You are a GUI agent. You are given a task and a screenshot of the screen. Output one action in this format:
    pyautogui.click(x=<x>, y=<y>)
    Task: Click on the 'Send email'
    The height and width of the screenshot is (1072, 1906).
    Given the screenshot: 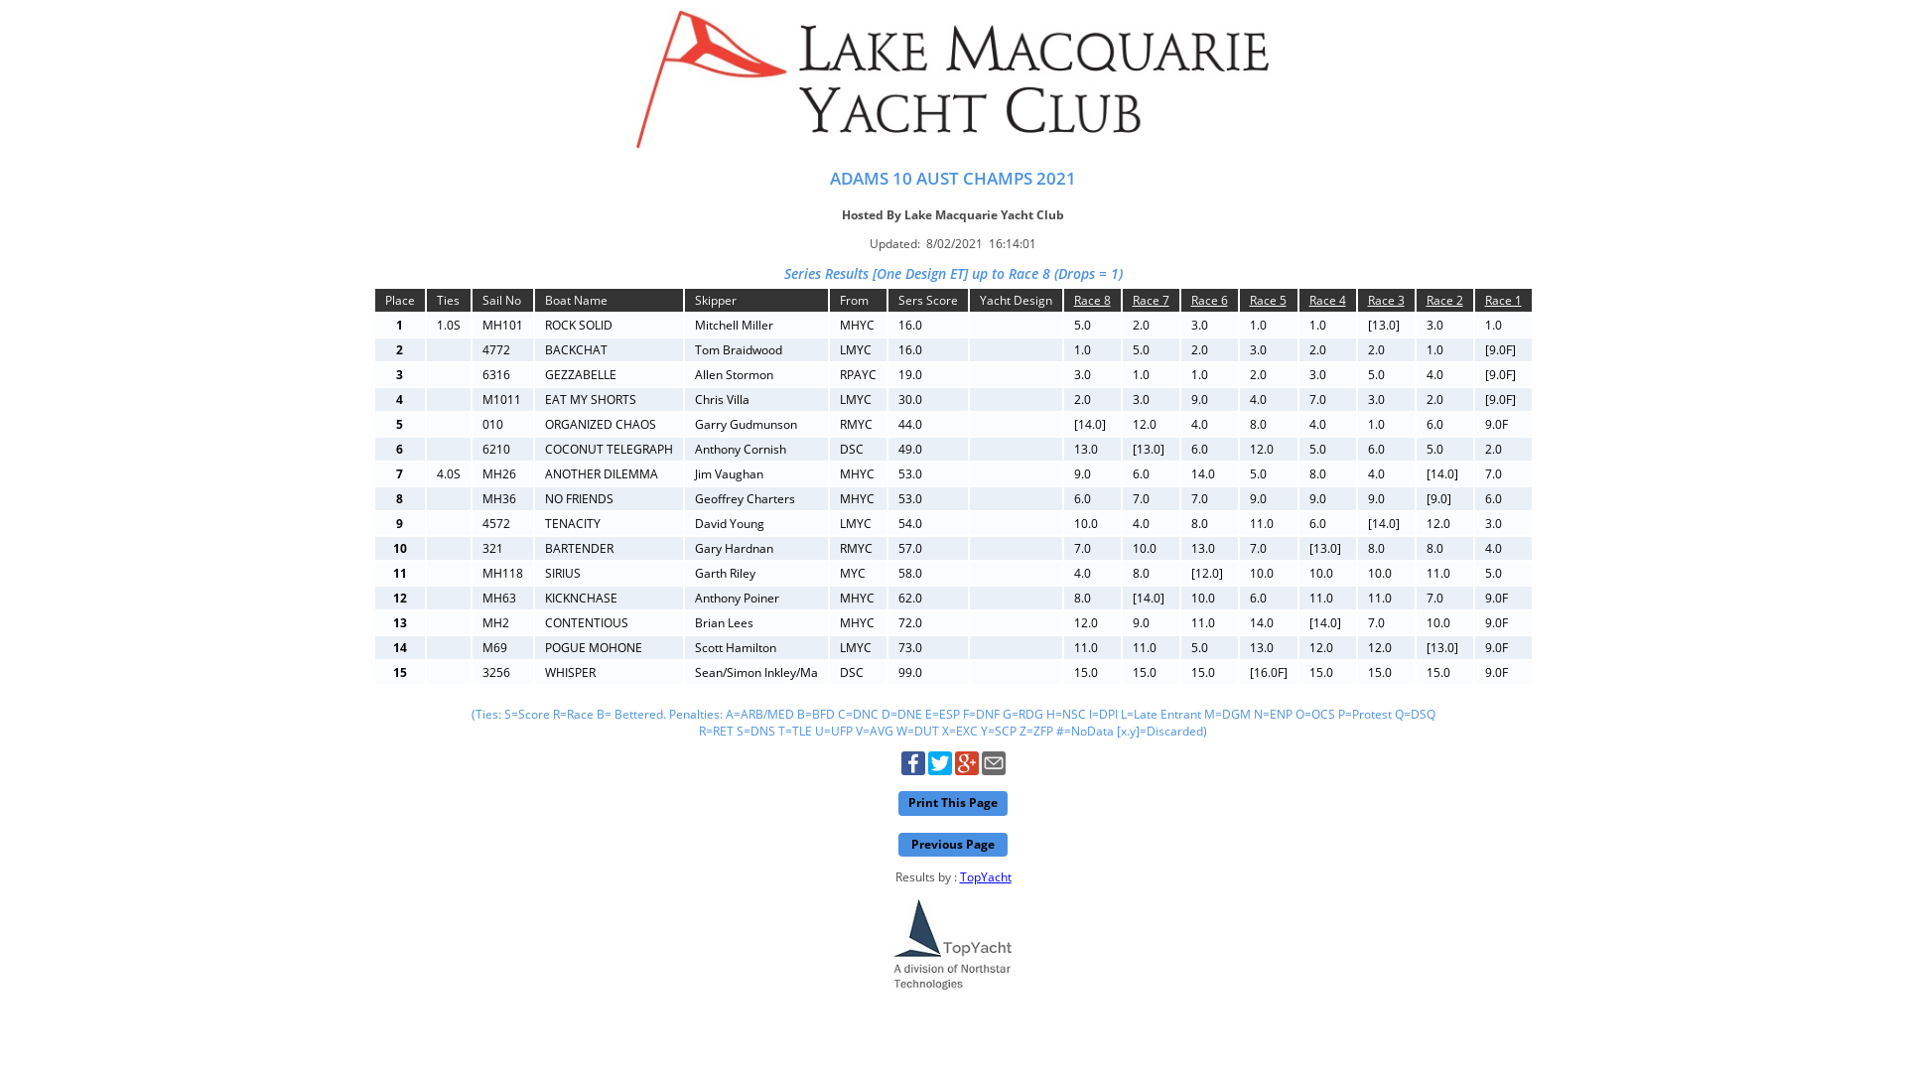 What is the action you would take?
    pyautogui.click(x=992, y=769)
    